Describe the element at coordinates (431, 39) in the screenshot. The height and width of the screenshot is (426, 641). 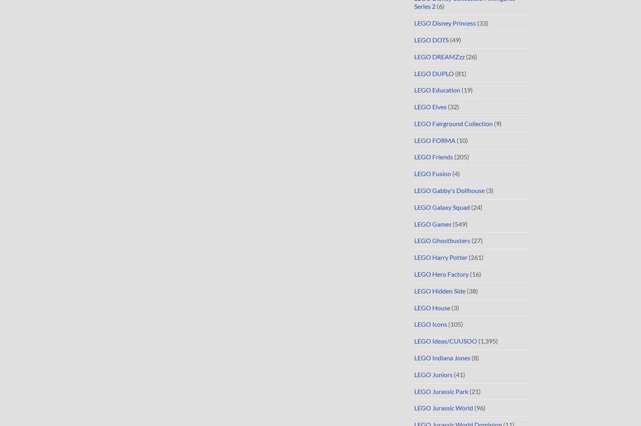
I see `'LEGO DOTS'` at that location.